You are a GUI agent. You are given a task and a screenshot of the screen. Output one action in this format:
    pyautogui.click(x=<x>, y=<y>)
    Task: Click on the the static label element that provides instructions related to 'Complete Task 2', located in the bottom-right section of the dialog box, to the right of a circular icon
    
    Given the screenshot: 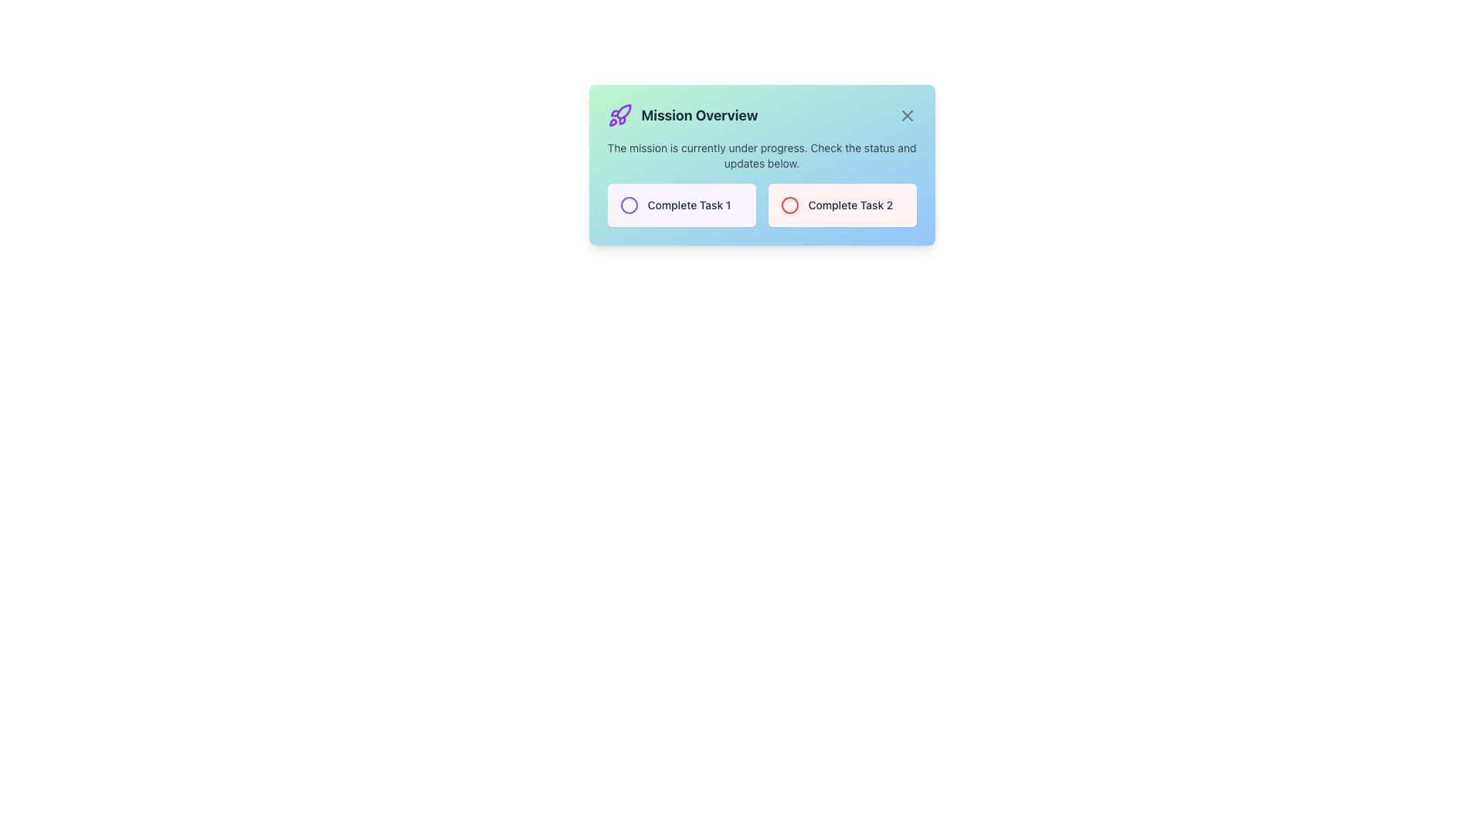 What is the action you would take?
    pyautogui.click(x=850, y=205)
    